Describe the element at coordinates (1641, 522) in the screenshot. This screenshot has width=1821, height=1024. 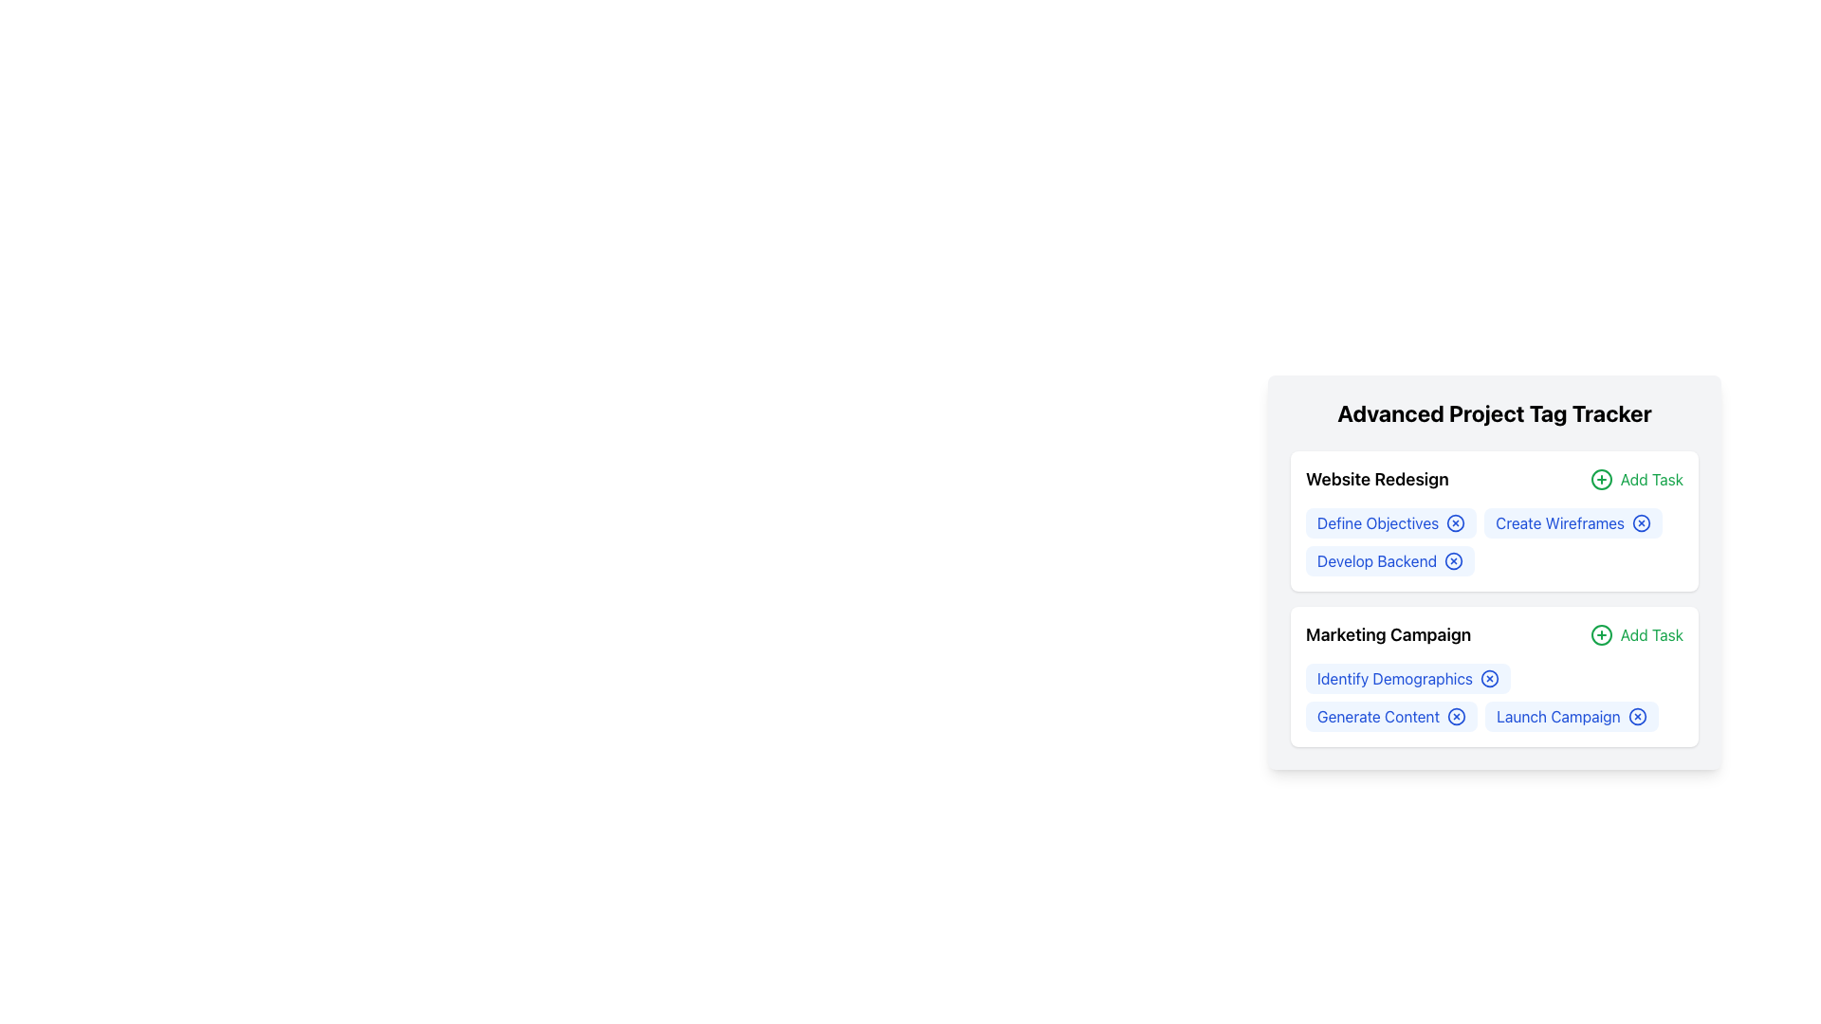
I see `the SVG Circle Element representing the delete/close option for the 'Create Wireframes' task in the 'Website Redesign' category of the 'Advanced Project Tag Tracker'` at that location.